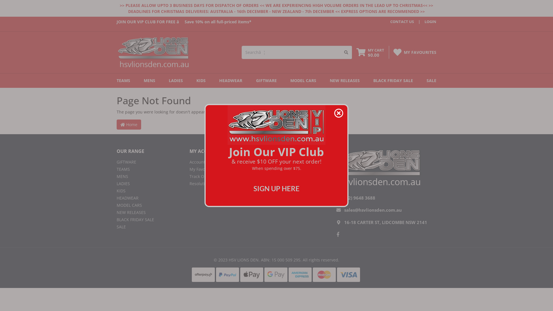 The image size is (553, 311). Describe the element at coordinates (166, 81) in the screenshot. I see `'LADIES'` at that location.